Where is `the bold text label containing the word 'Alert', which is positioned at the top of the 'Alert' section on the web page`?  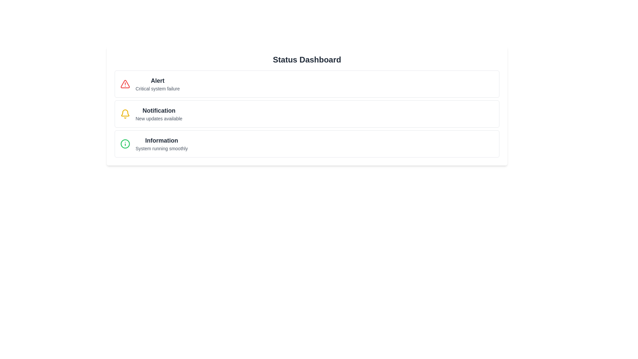 the bold text label containing the word 'Alert', which is positioned at the top of the 'Alert' section on the web page is located at coordinates (157, 80).